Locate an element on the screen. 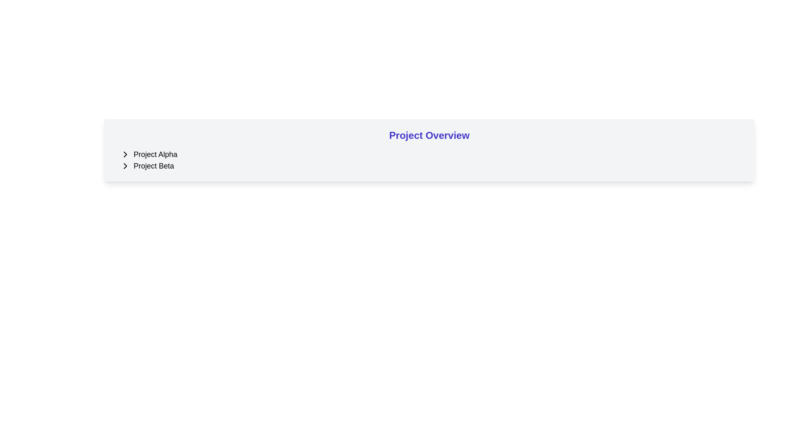 The width and height of the screenshot is (792, 445). the right-pointing arrow icon button next to the text 'Project Alpha' is located at coordinates (125, 154).